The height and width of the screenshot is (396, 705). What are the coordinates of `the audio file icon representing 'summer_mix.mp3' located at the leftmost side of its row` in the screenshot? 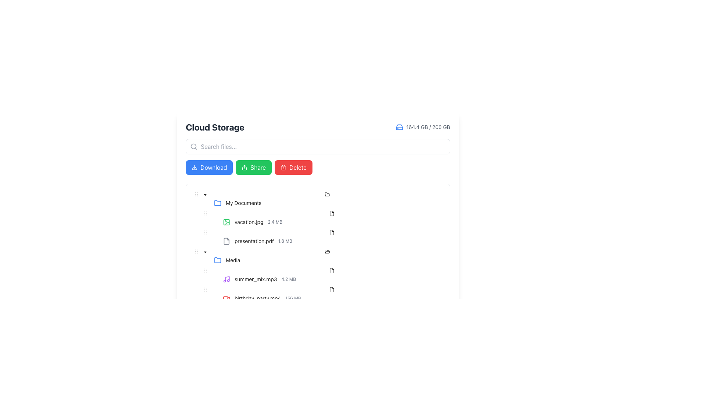 It's located at (226, 279).